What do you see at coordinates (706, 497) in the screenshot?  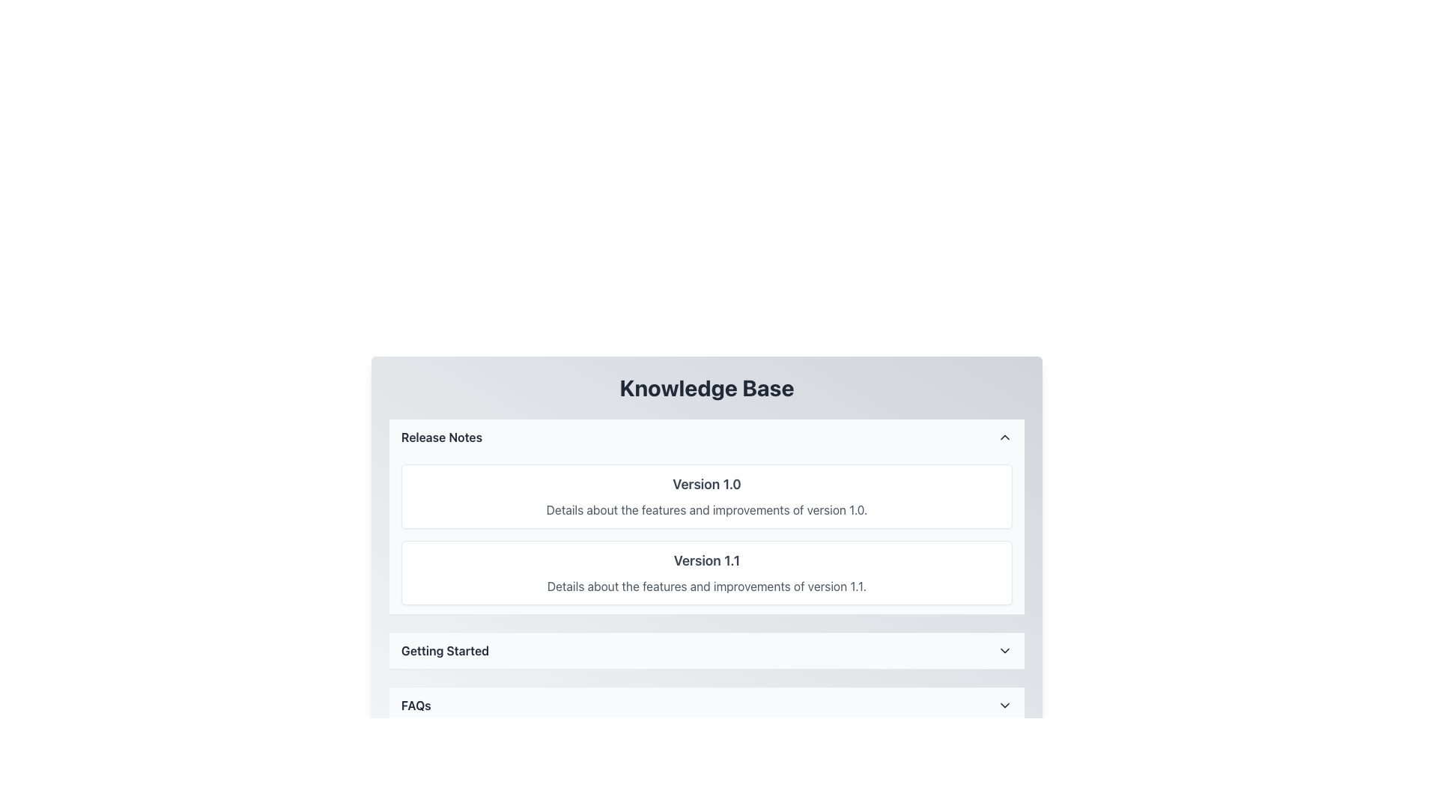 I see `the informational card or panel displaying features and improvements of version 1.0, located under the 'Release Notes' heading as the first item in the list` at bounding box center [706, 497].